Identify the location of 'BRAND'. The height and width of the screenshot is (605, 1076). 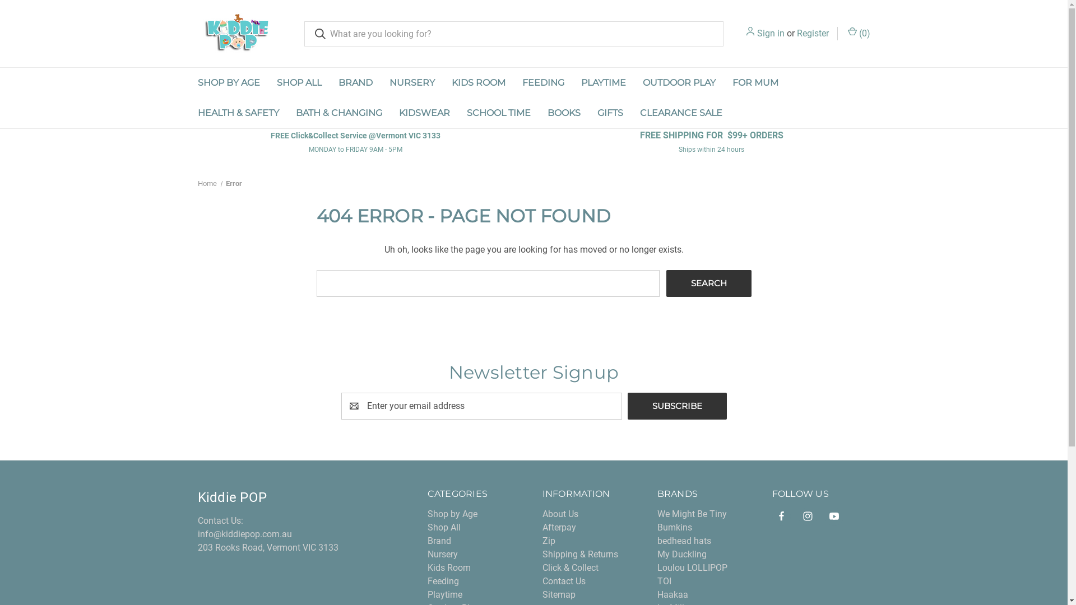
(354, 82).